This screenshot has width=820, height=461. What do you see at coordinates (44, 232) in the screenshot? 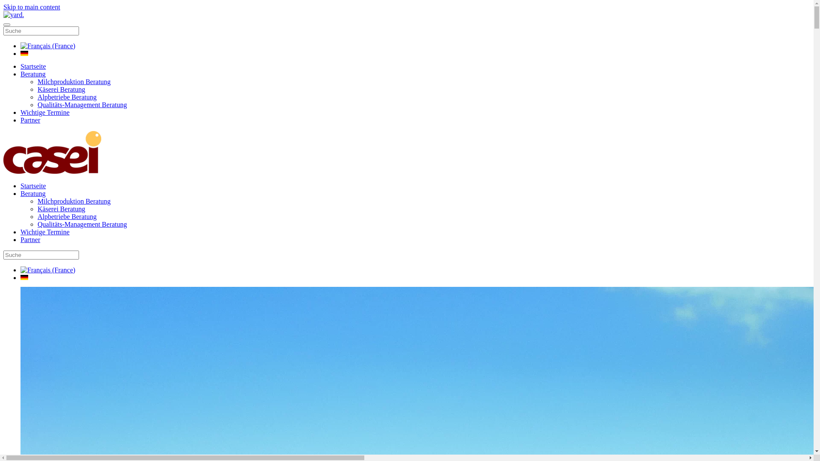
I see `'Wichtige Termine'` at bounding box center [44, 232].